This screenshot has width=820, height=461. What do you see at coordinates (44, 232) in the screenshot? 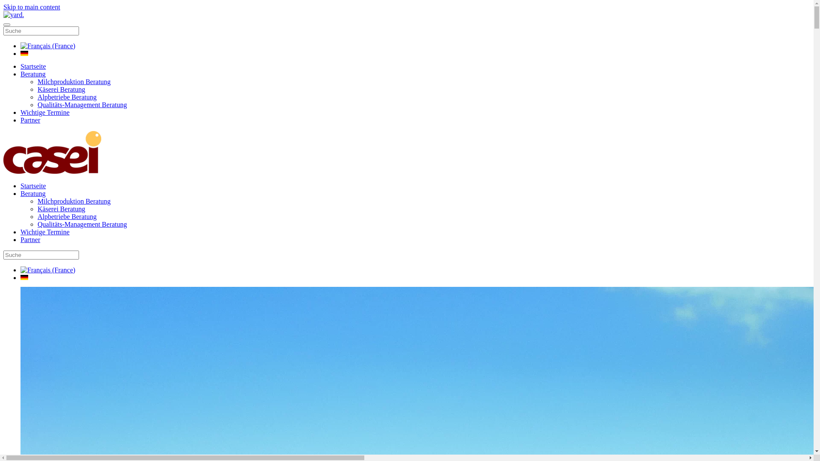
I see `'Wichtige Termine'` at bounding box center [44, 232].